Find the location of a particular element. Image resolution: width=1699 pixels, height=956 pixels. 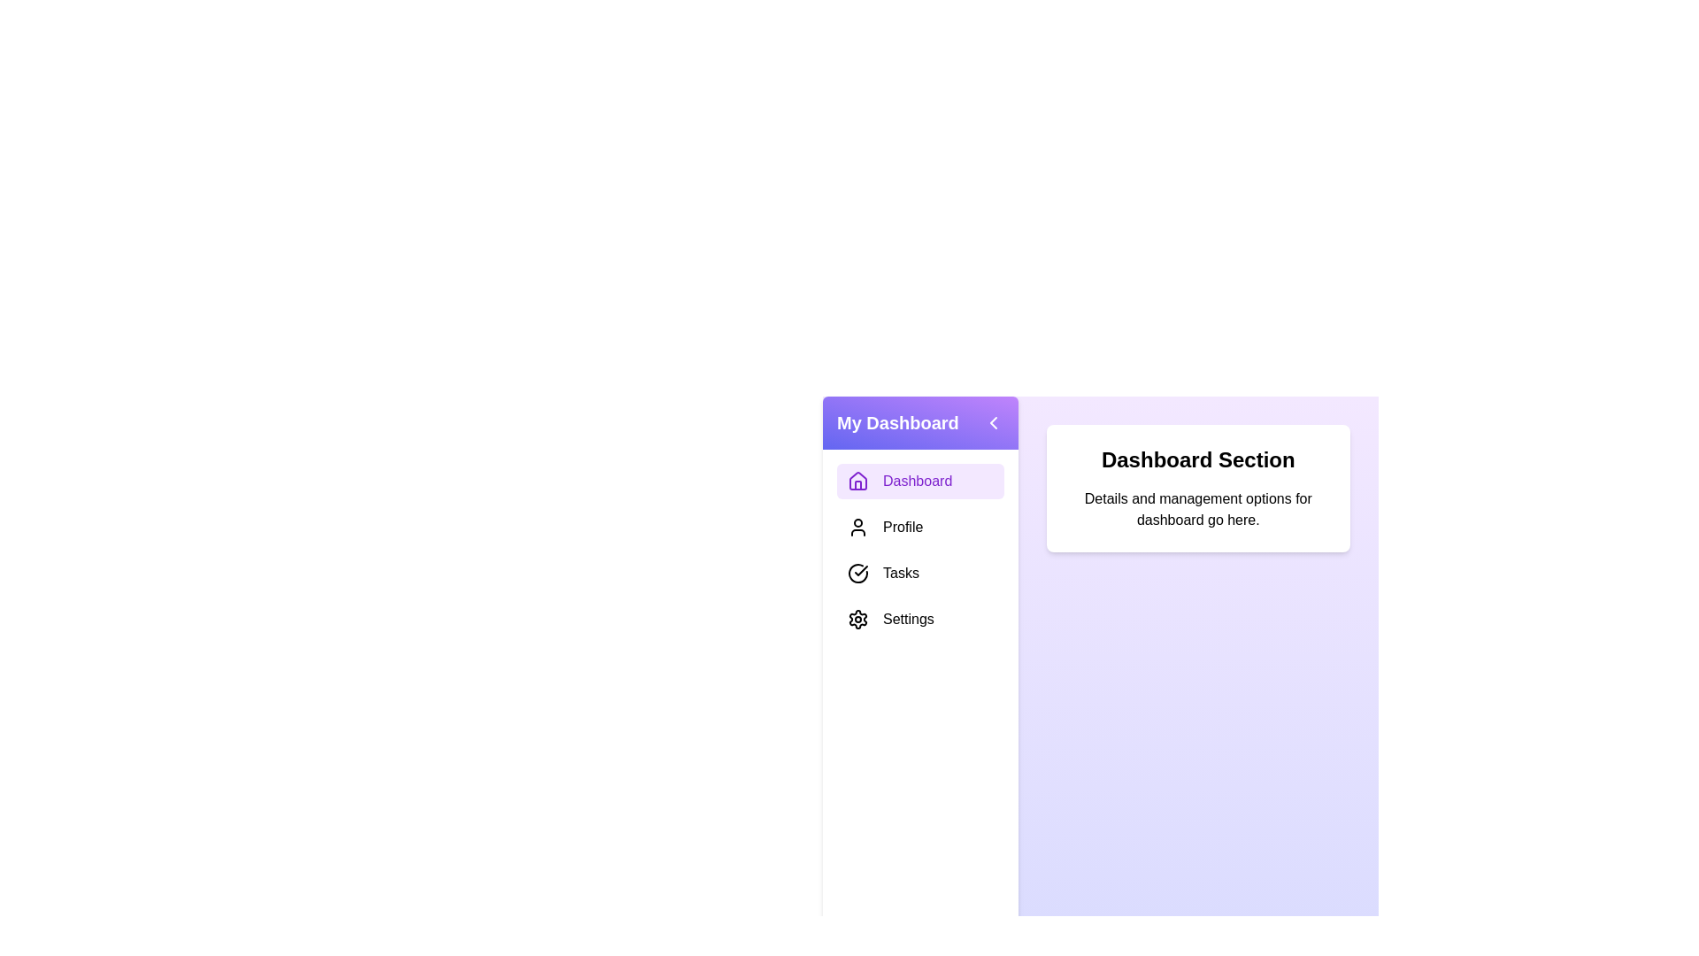

the 'Profile' navigation button located below the 'Dashboard' item and above the 'Tasks' item in the vertical navigation menu is located at coordinates (920, 527).